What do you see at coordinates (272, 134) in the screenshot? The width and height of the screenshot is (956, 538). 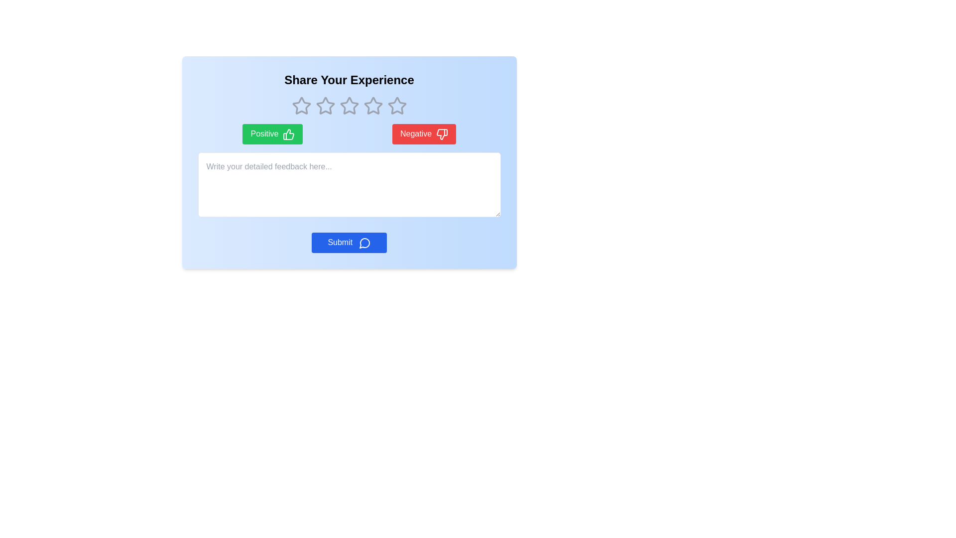 I see `the green button labeled 'Positive' with rounded corners` at bounding box center [272, 134].